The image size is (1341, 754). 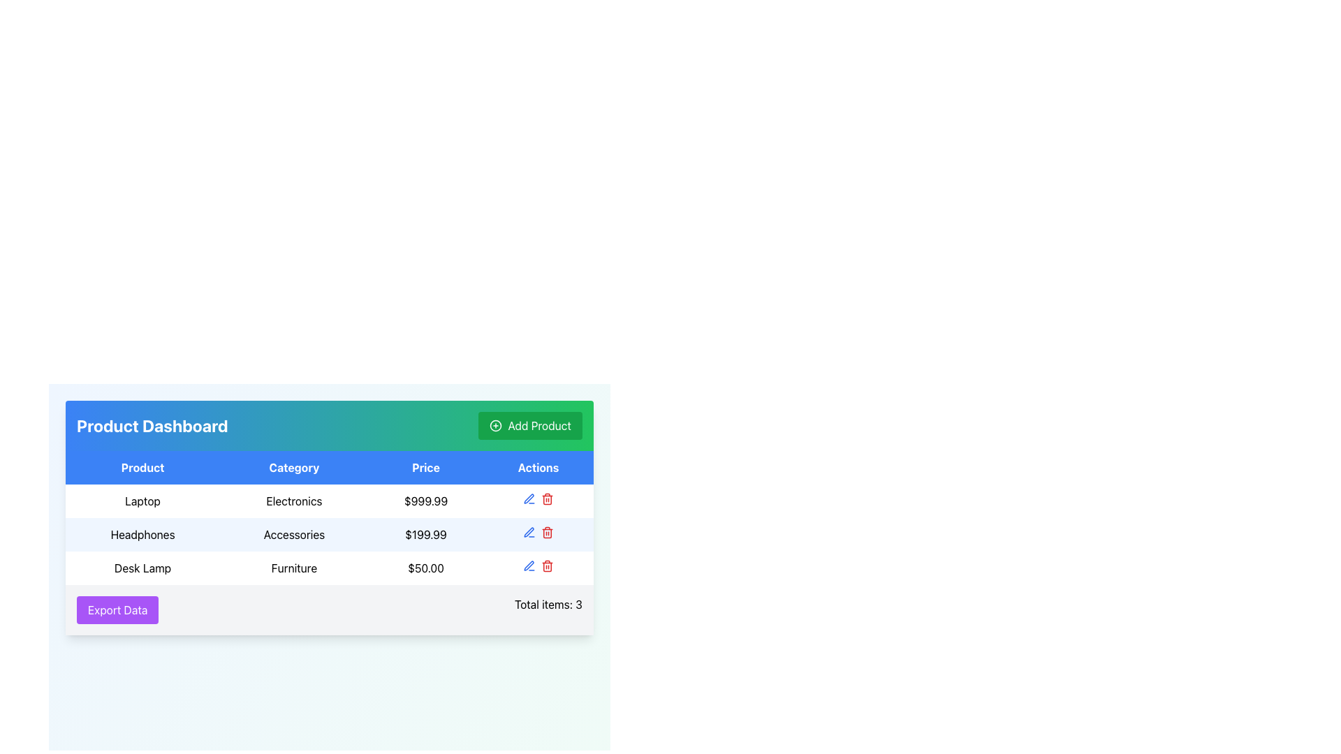 I want to click on the red trash can icon button located in the 'Actions' column of the data table, specifically in the row for 'Headphones', which is the second icon next to a blue pencil icon, so click(x=547, y=533).